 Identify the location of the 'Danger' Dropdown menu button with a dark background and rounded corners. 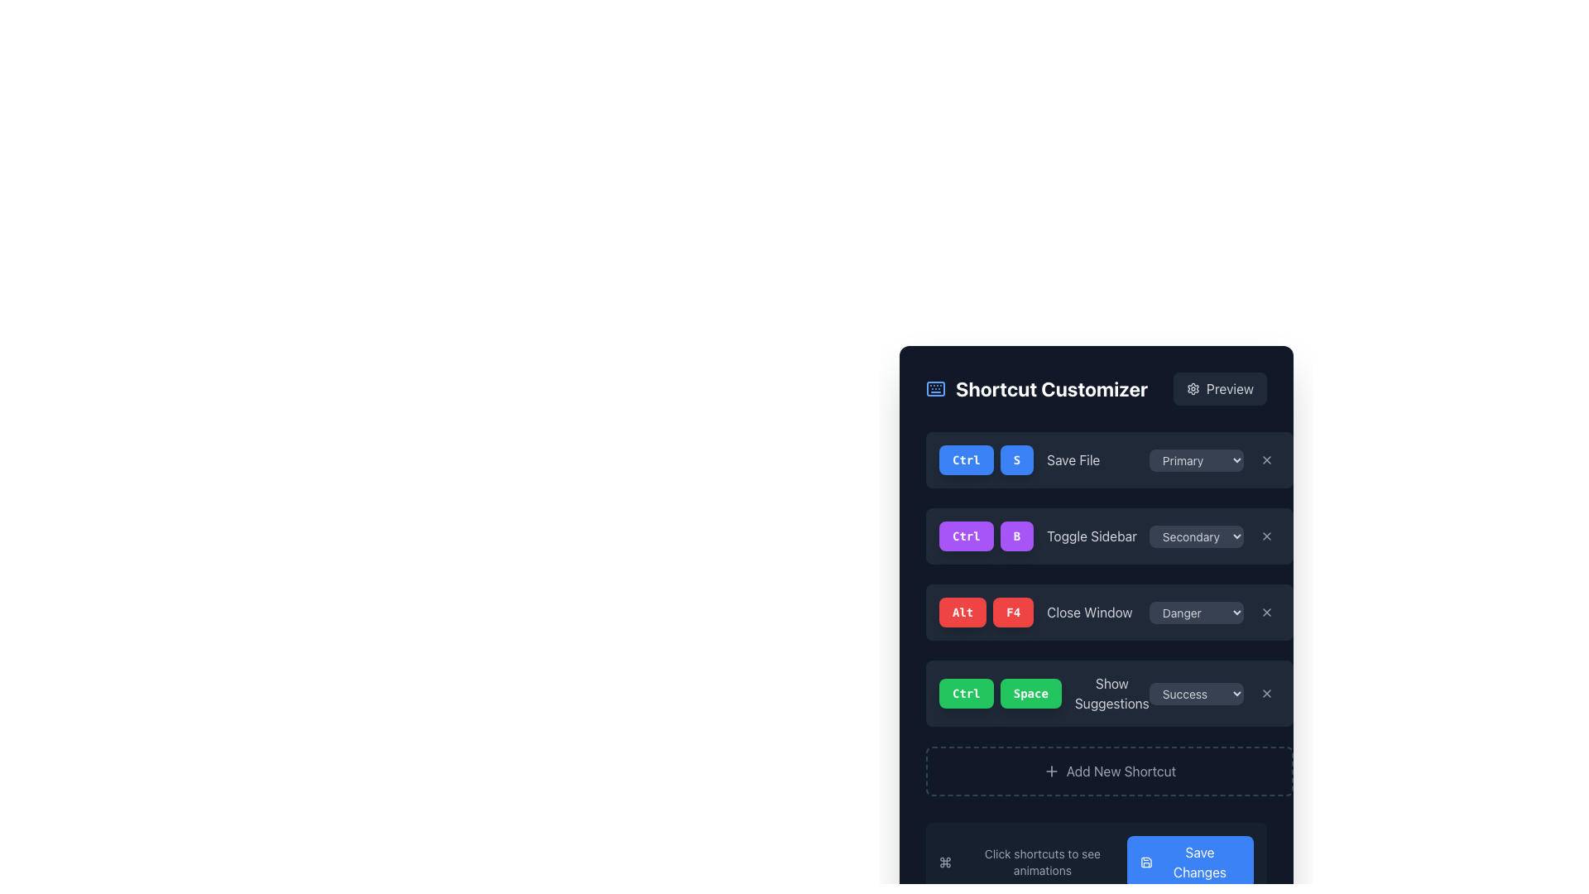
(1214, 613).